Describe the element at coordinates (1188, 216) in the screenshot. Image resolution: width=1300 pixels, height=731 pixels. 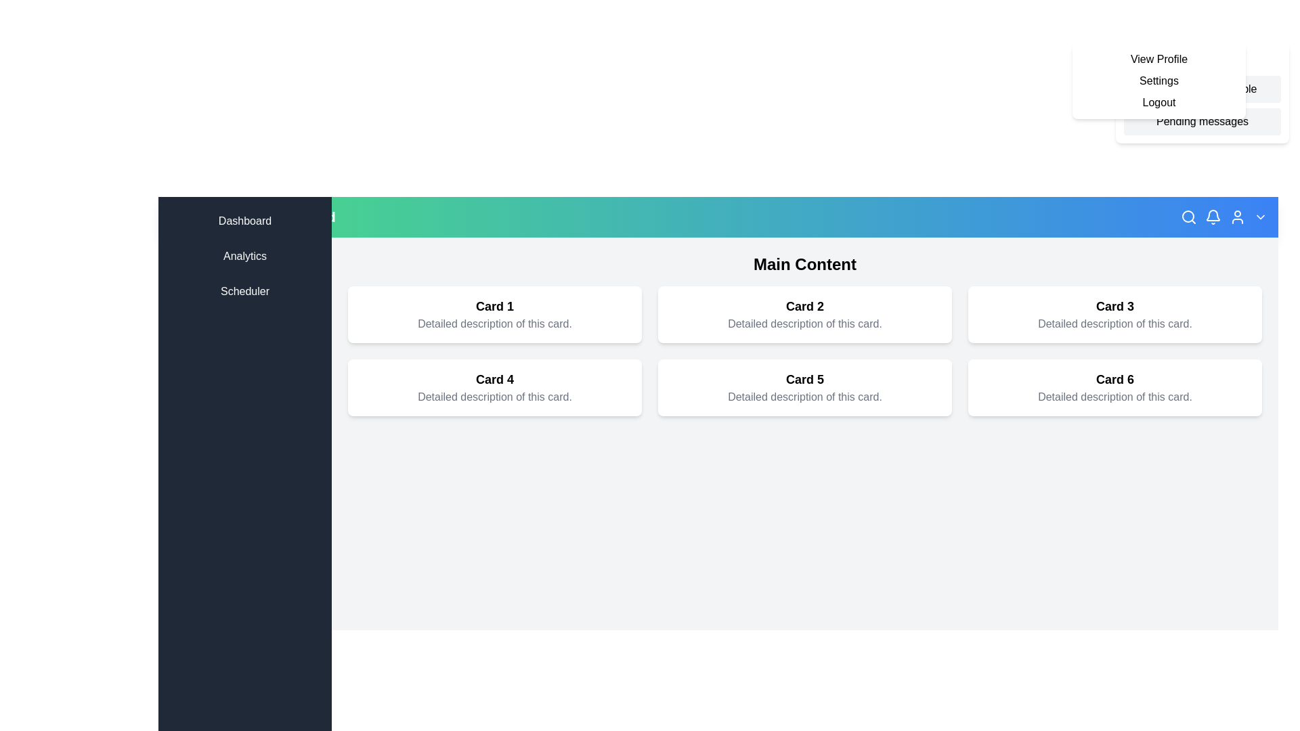
I see `the circular graphical element within the search icon located in the top-right corner of the interface` at that location.